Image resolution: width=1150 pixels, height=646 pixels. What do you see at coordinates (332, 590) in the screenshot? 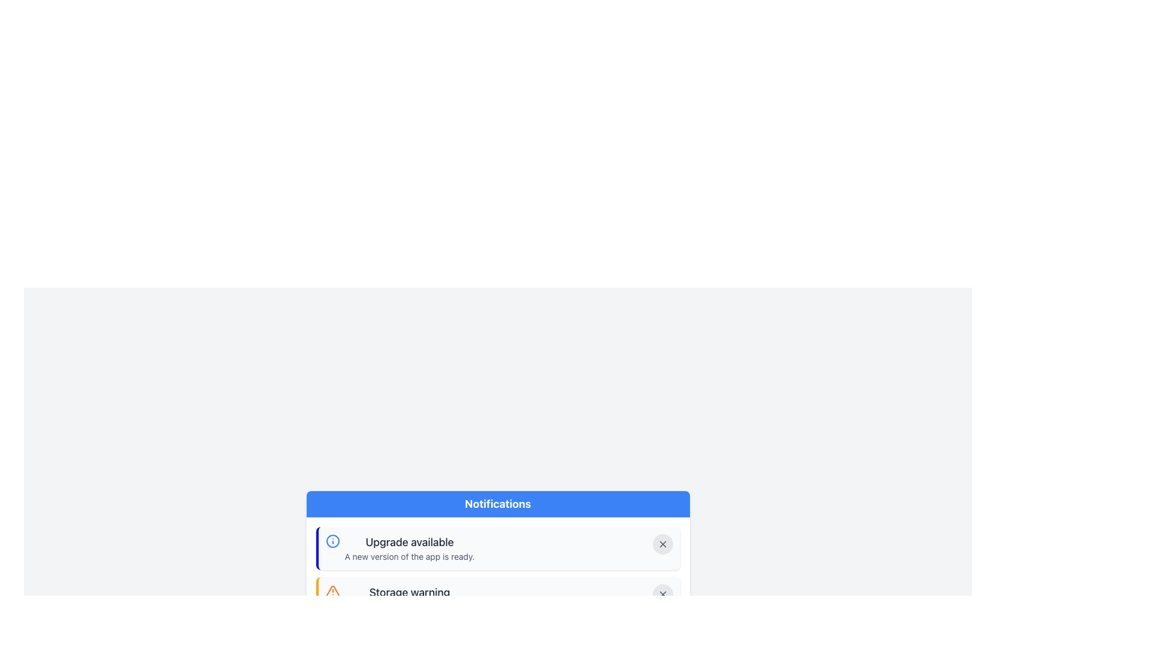
I see `the warning icon in the second notification row next to the 'Storage warning' message` at bounding box center [332, 590].